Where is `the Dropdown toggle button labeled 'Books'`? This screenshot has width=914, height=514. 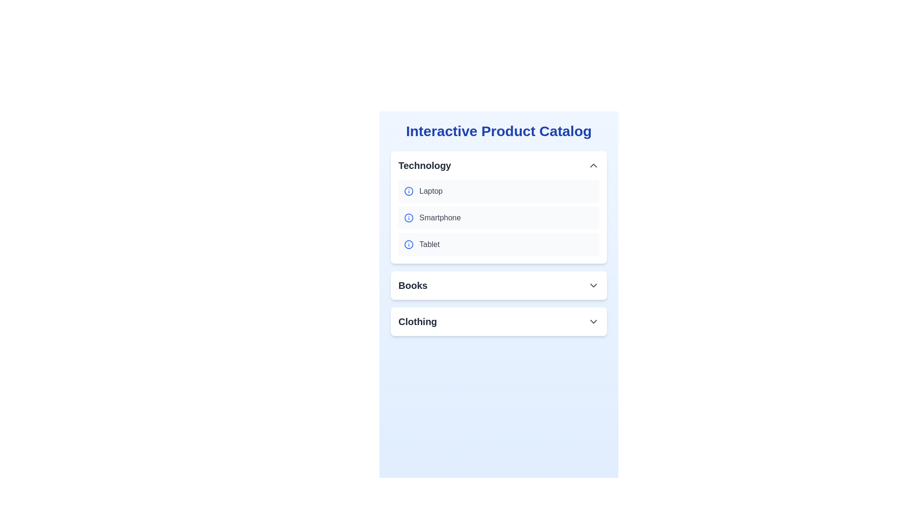 the Dropdown toggle button labeled 'Books' is located at coordinates (498, 285).